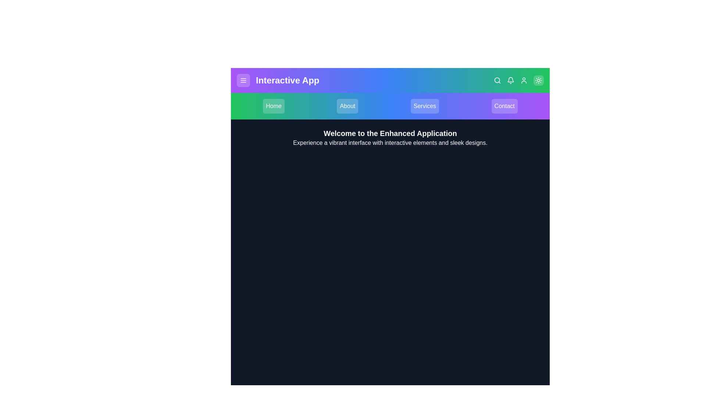 This screenshot has height=397, width=706. What do you see at coordinates (538, 81) in the screenshot?
I see `the dark mode toggle button` at bounding box center [538, 81].